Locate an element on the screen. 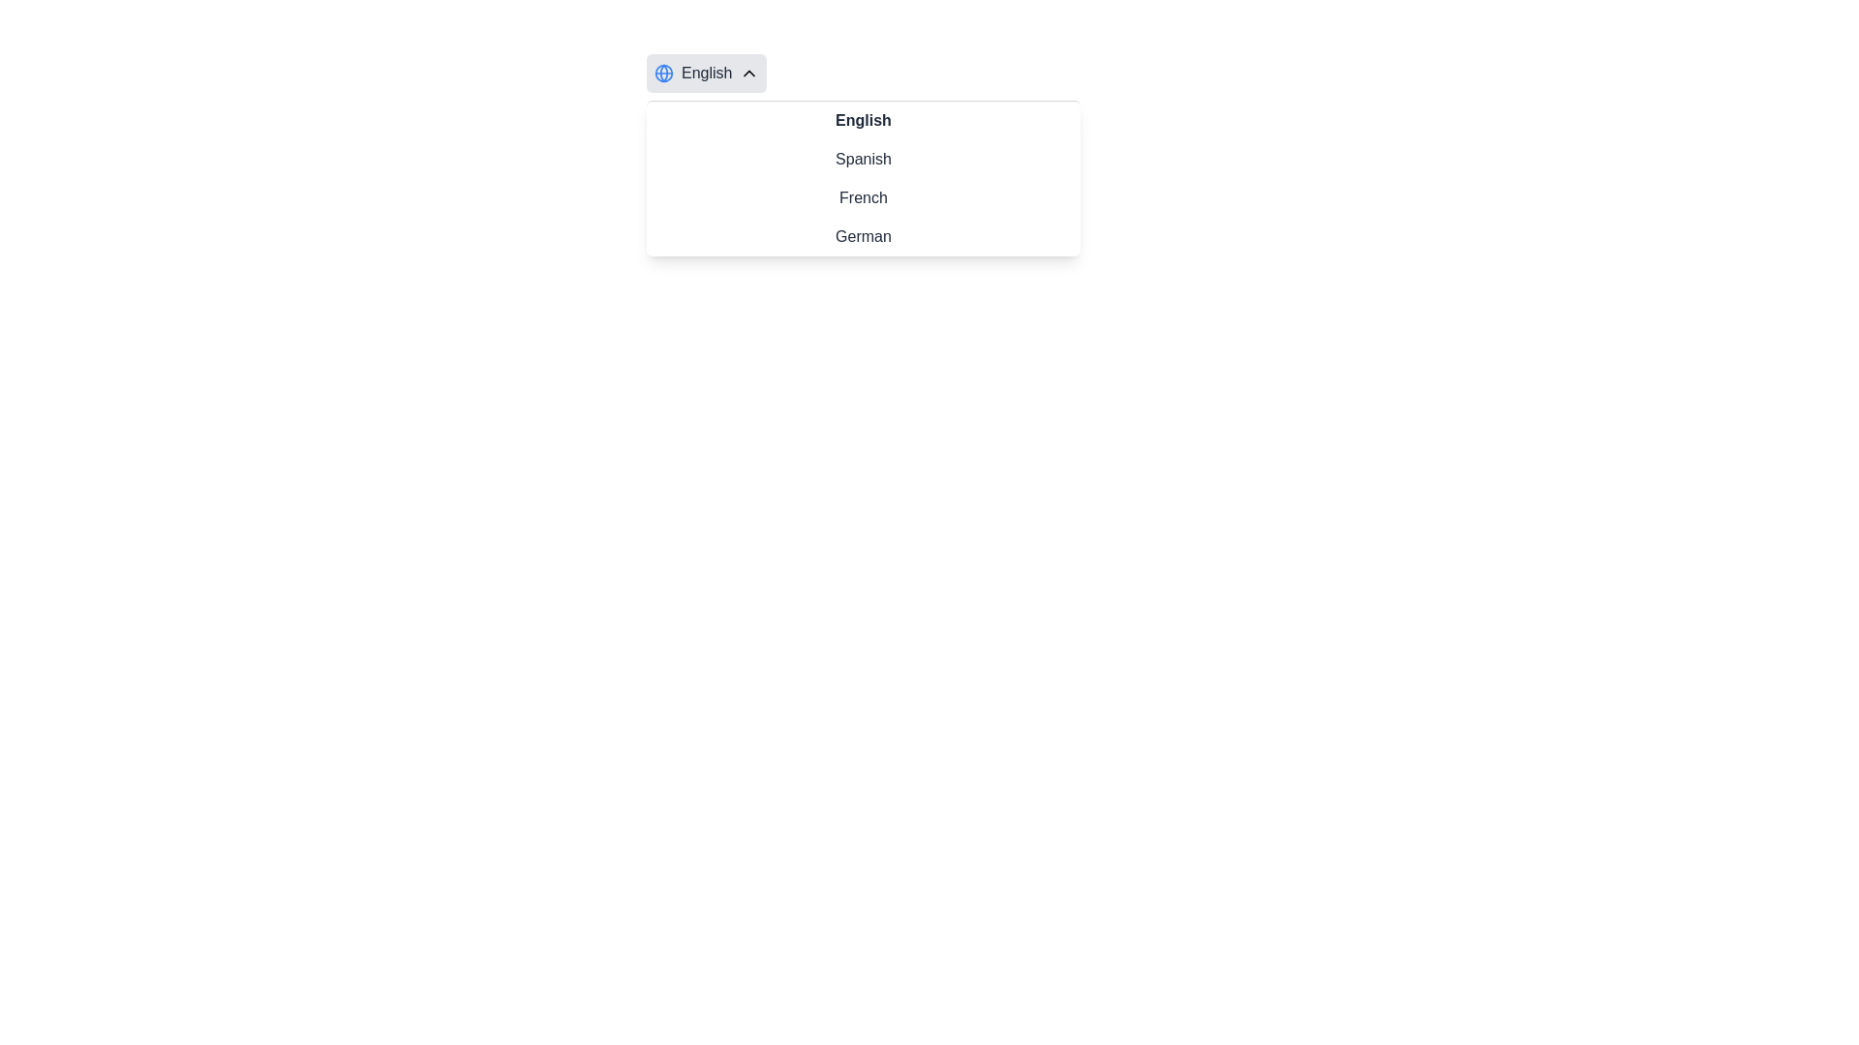 The image size is (1859, 1045). the second option in the language selection dropdown menu to switch the language setting to Spanish is located at coordinates (863, 159).